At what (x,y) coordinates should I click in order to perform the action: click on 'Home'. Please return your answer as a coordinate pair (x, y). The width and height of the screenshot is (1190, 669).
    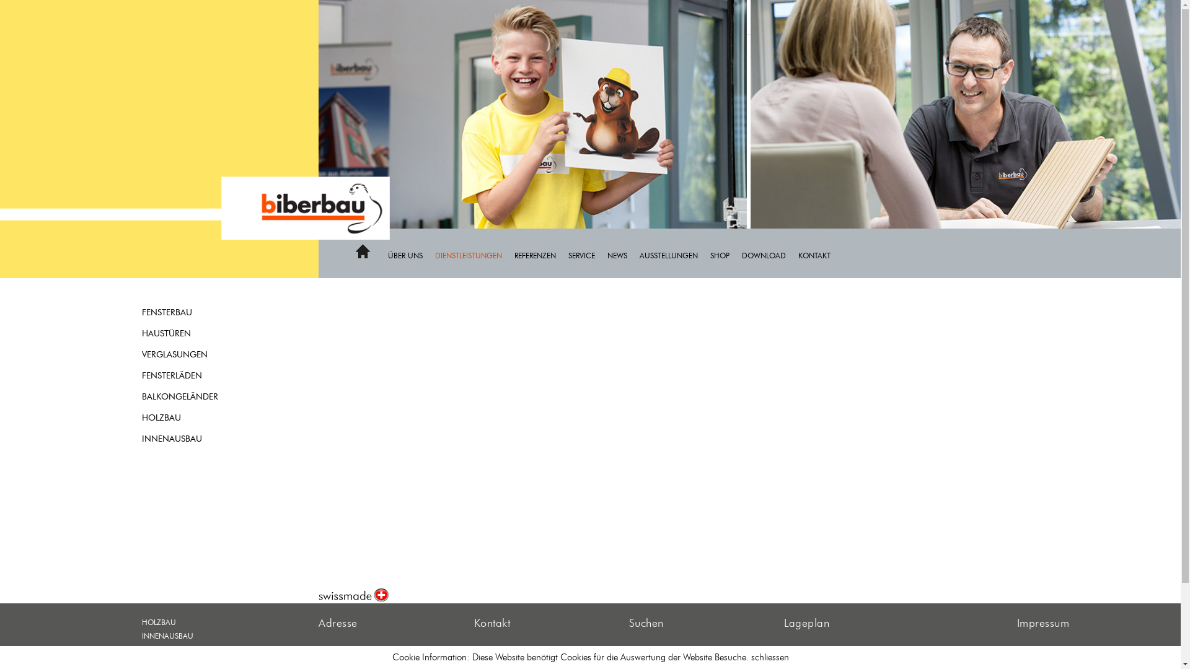
    Looking at the image, I should click on (362, 251).